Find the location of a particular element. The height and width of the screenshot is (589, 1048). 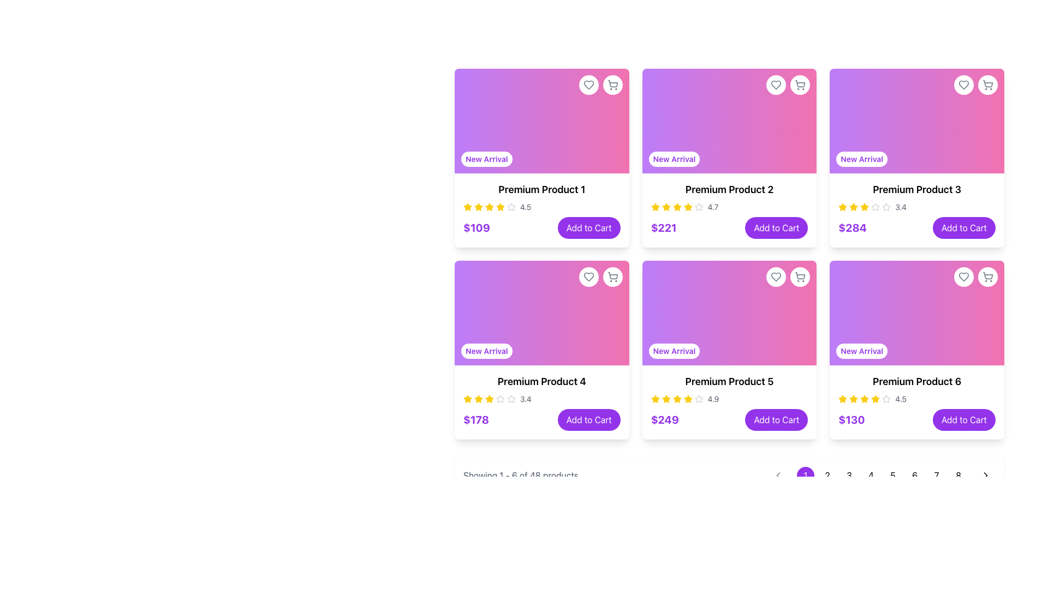

the rating represented by the star icon in the rating section of the product card for 'Premium Product 5', located in the third column of the second row of the product grid is located at coordinates (655, 399).